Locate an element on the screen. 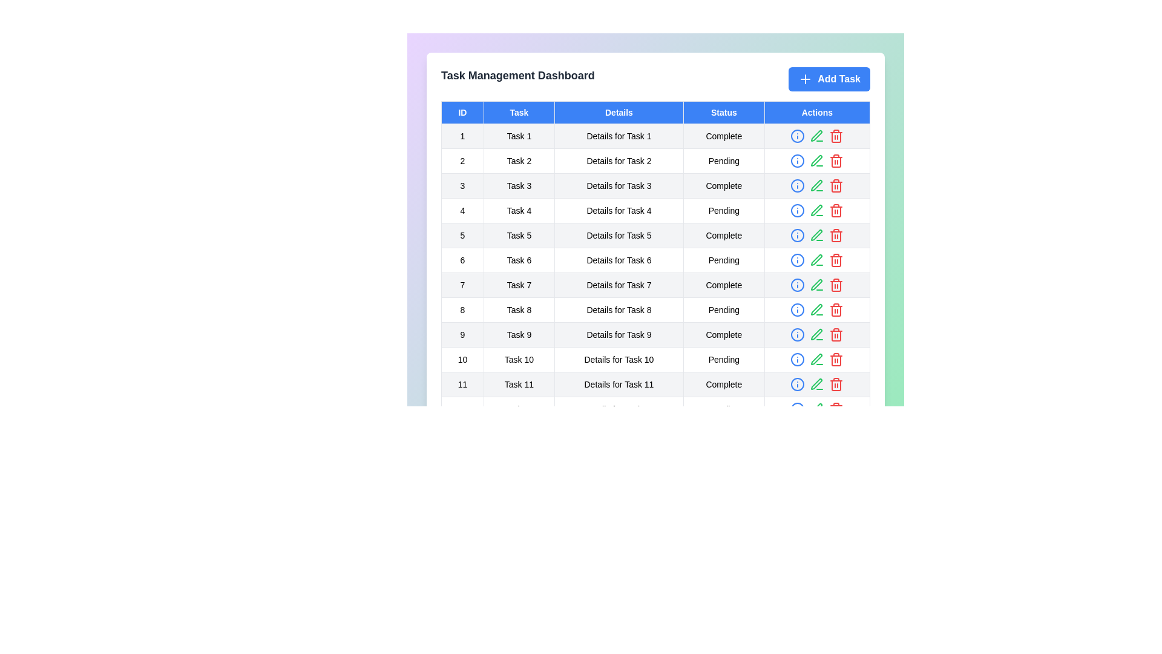  the column header to sort tasks by Details is located at coordinates (619, 112).